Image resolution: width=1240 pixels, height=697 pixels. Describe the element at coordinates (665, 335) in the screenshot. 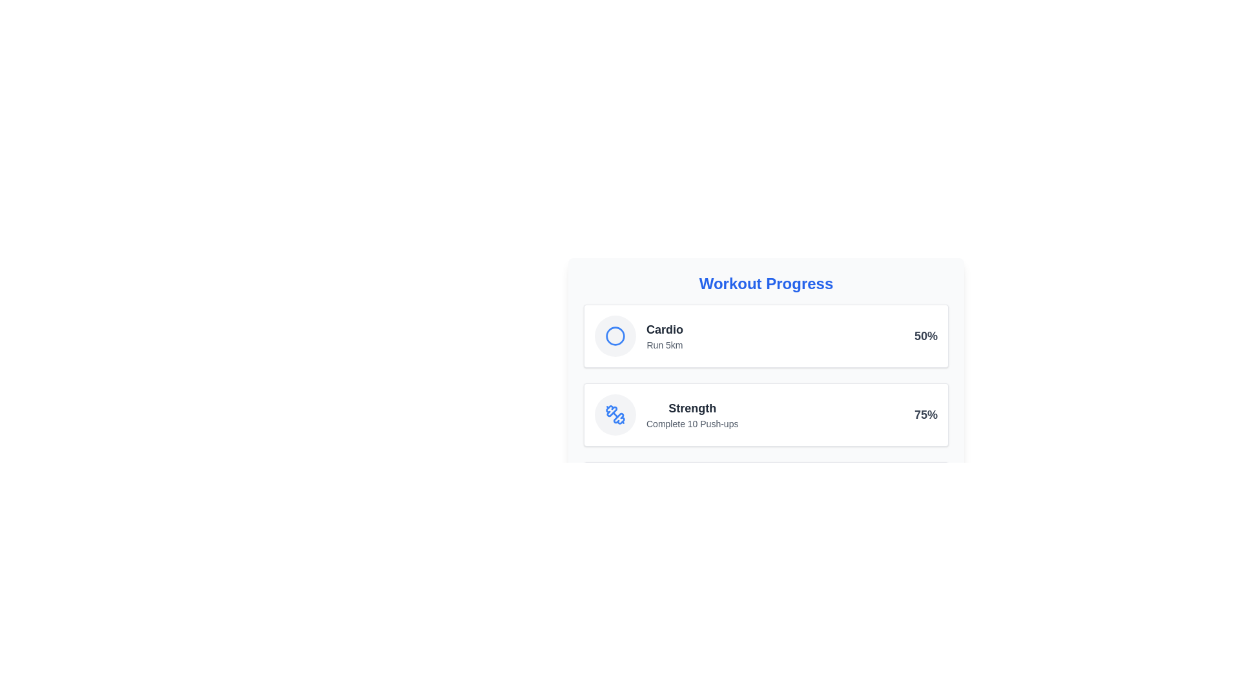

I see `text label that contains 'Cardio' and 'Run 5km', which is positioned above the percentage indicator '50%' in a vertical list of workout progress items` at that location.